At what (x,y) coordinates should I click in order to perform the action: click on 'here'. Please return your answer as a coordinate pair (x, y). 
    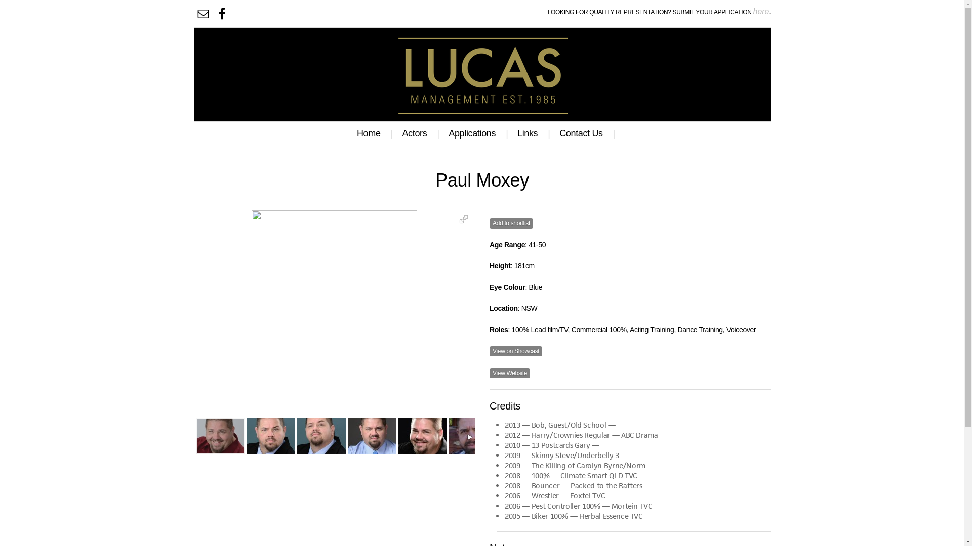
    Looking at the image, I should click on (760, 11).